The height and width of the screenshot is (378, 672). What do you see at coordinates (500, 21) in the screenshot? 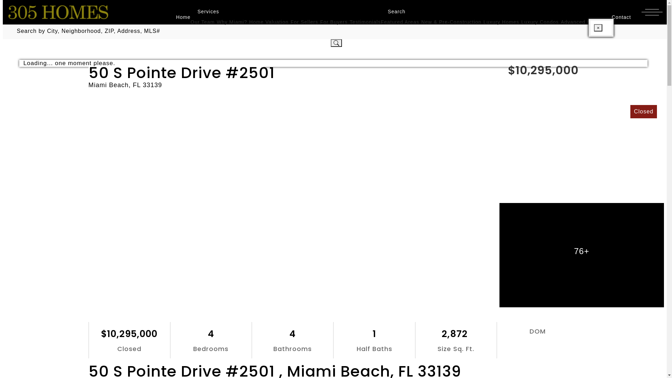
I see `'Luxury Homes'` at bounding box center [500, 21].